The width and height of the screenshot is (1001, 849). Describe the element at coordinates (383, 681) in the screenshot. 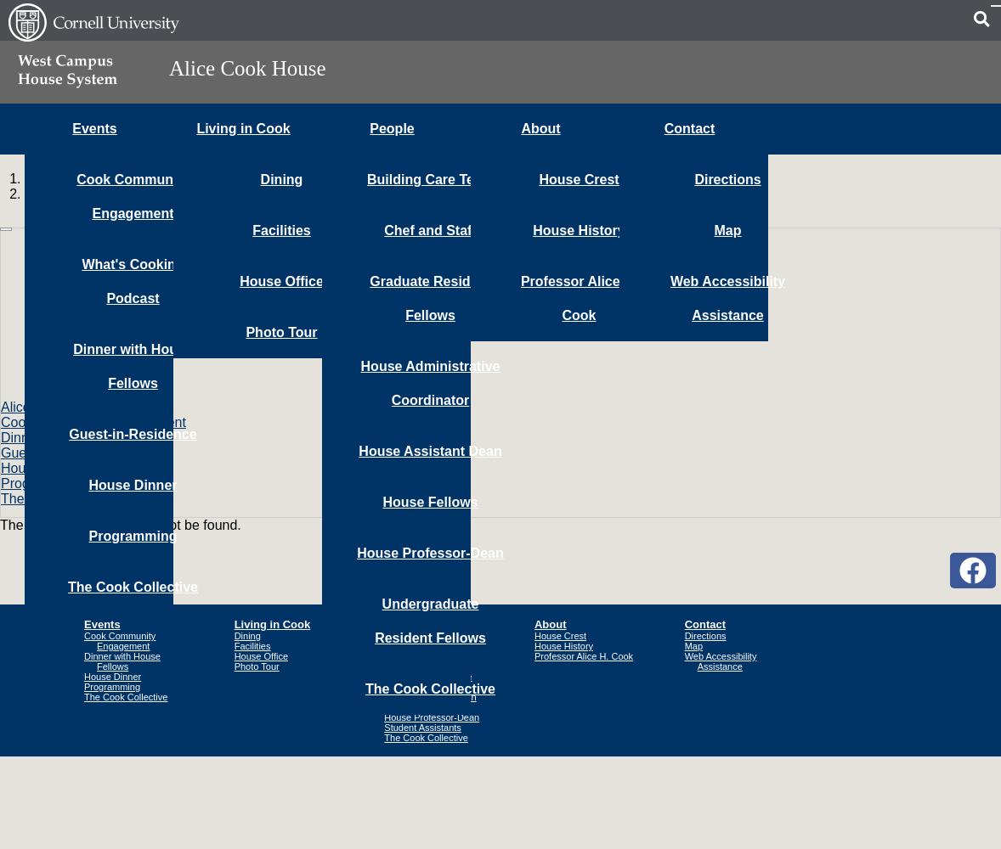

I see `'House Administrative Assistant'` at that location.